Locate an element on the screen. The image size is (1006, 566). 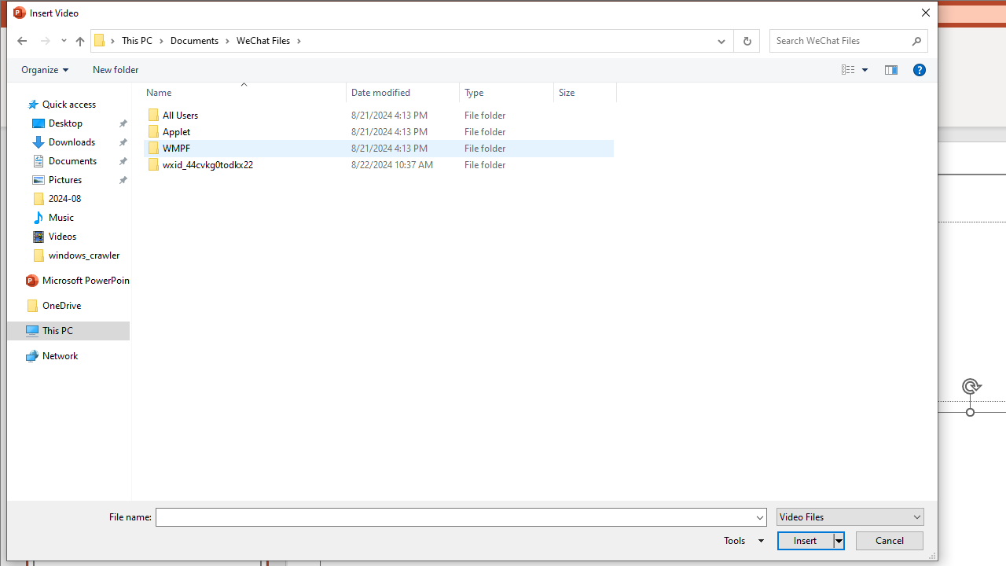
'Filter dropdown' is located at coordinates (609, 92).